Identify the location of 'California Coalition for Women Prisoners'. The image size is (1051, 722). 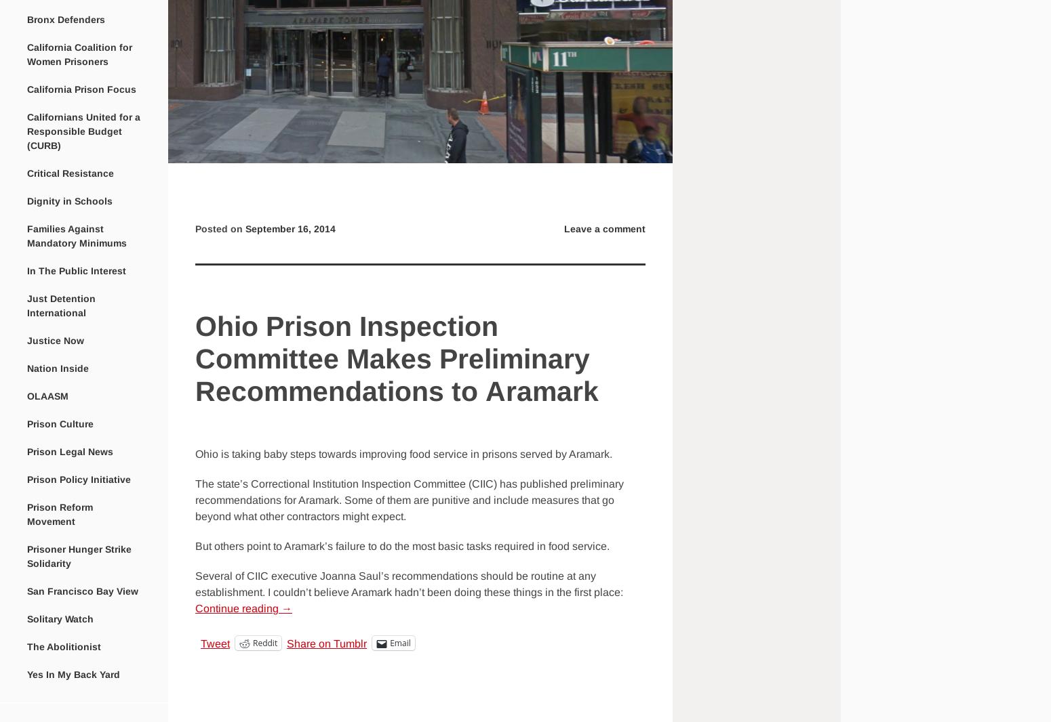
(79, 53).